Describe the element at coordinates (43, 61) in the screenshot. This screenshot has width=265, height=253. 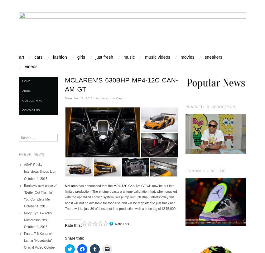
I see `'Main Menu'` at that location.